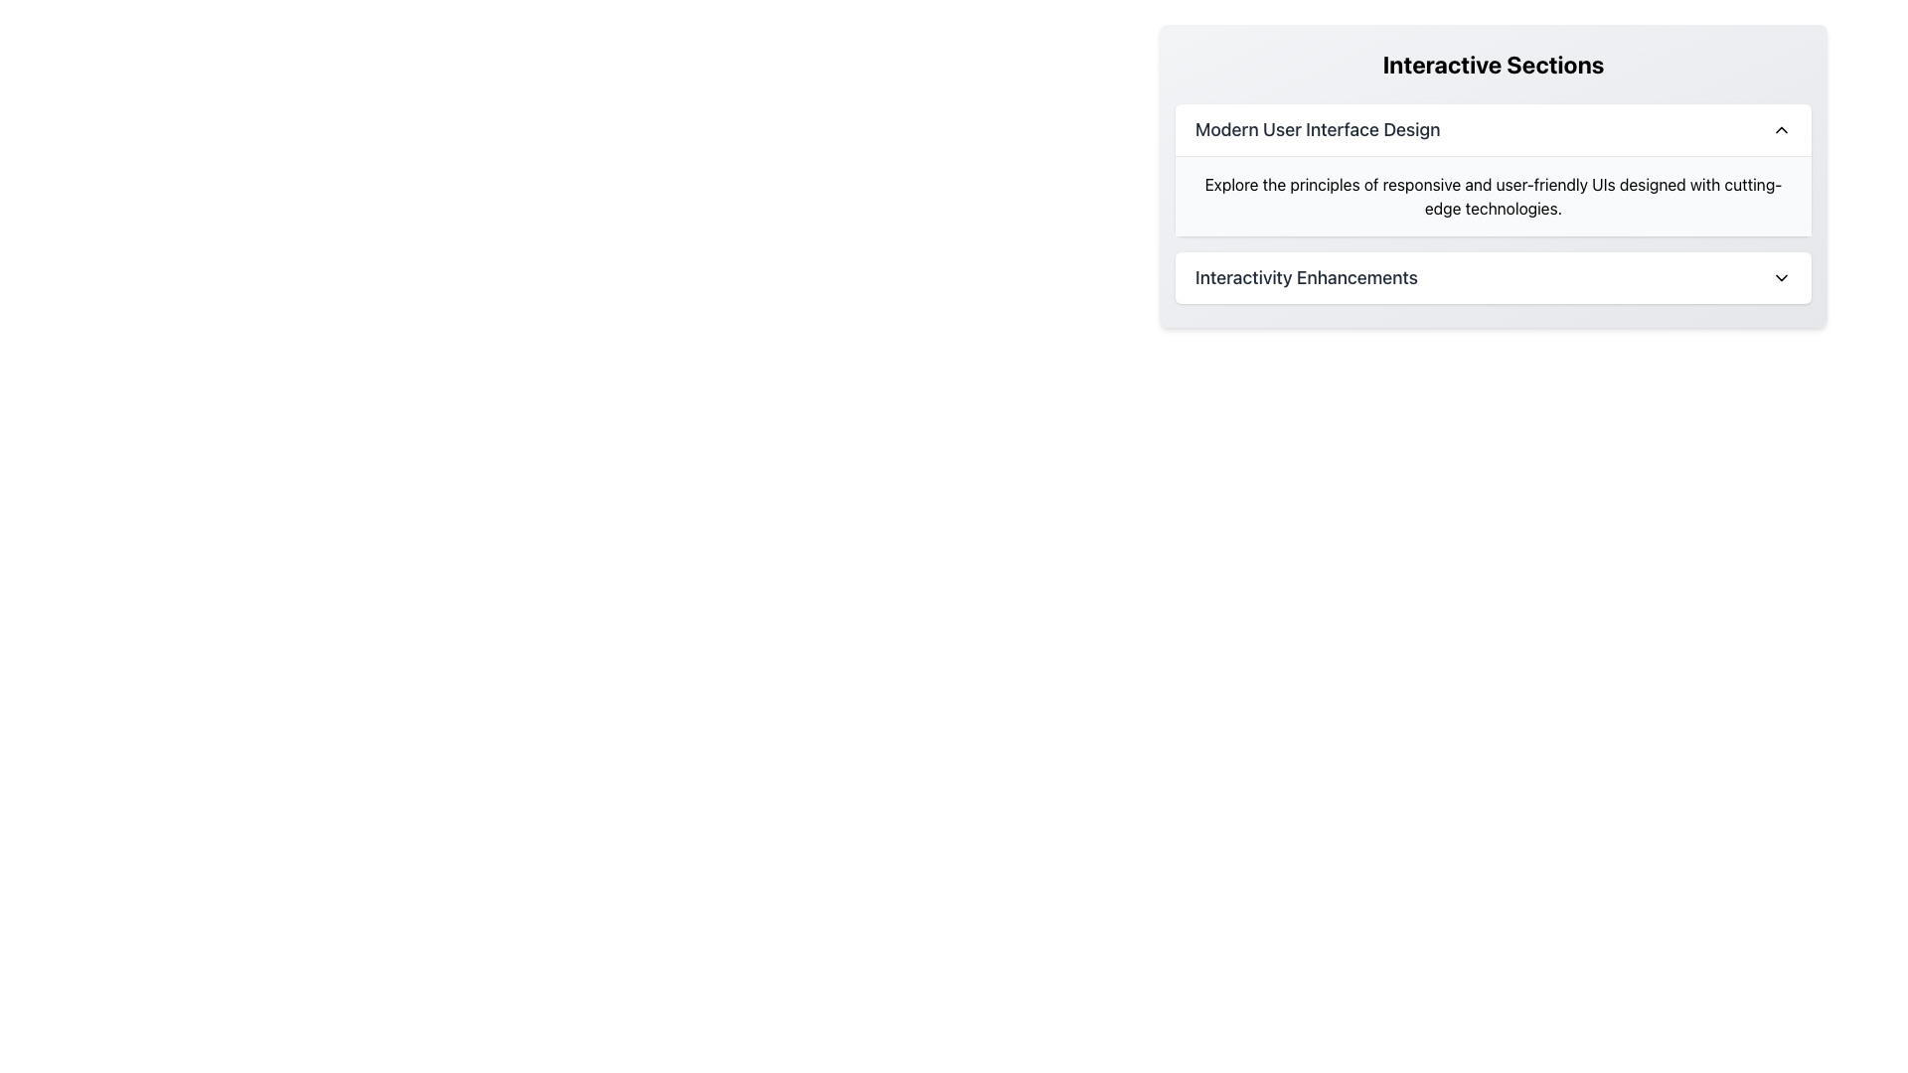  I want to click on the Text Content Section that describes user-friendly UIs and cutting-edge technologies, which is styled with a white background and rounded corners, located below the 'Modern User Interface Design' header, so click(1493, 169).